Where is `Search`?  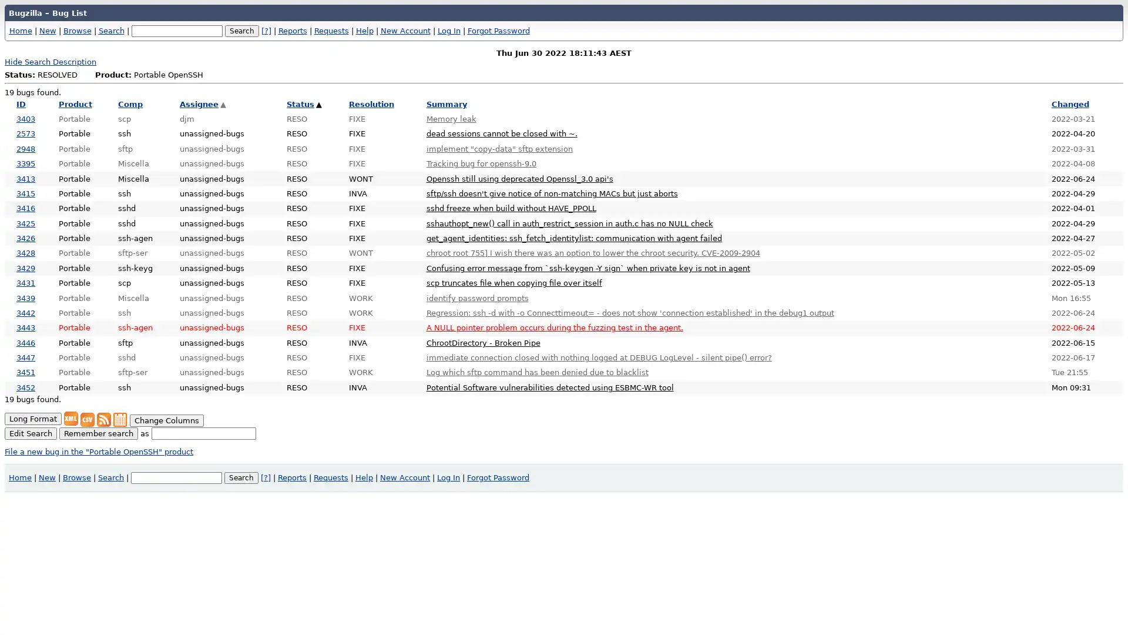
Search is located at coordinates (241, 478).